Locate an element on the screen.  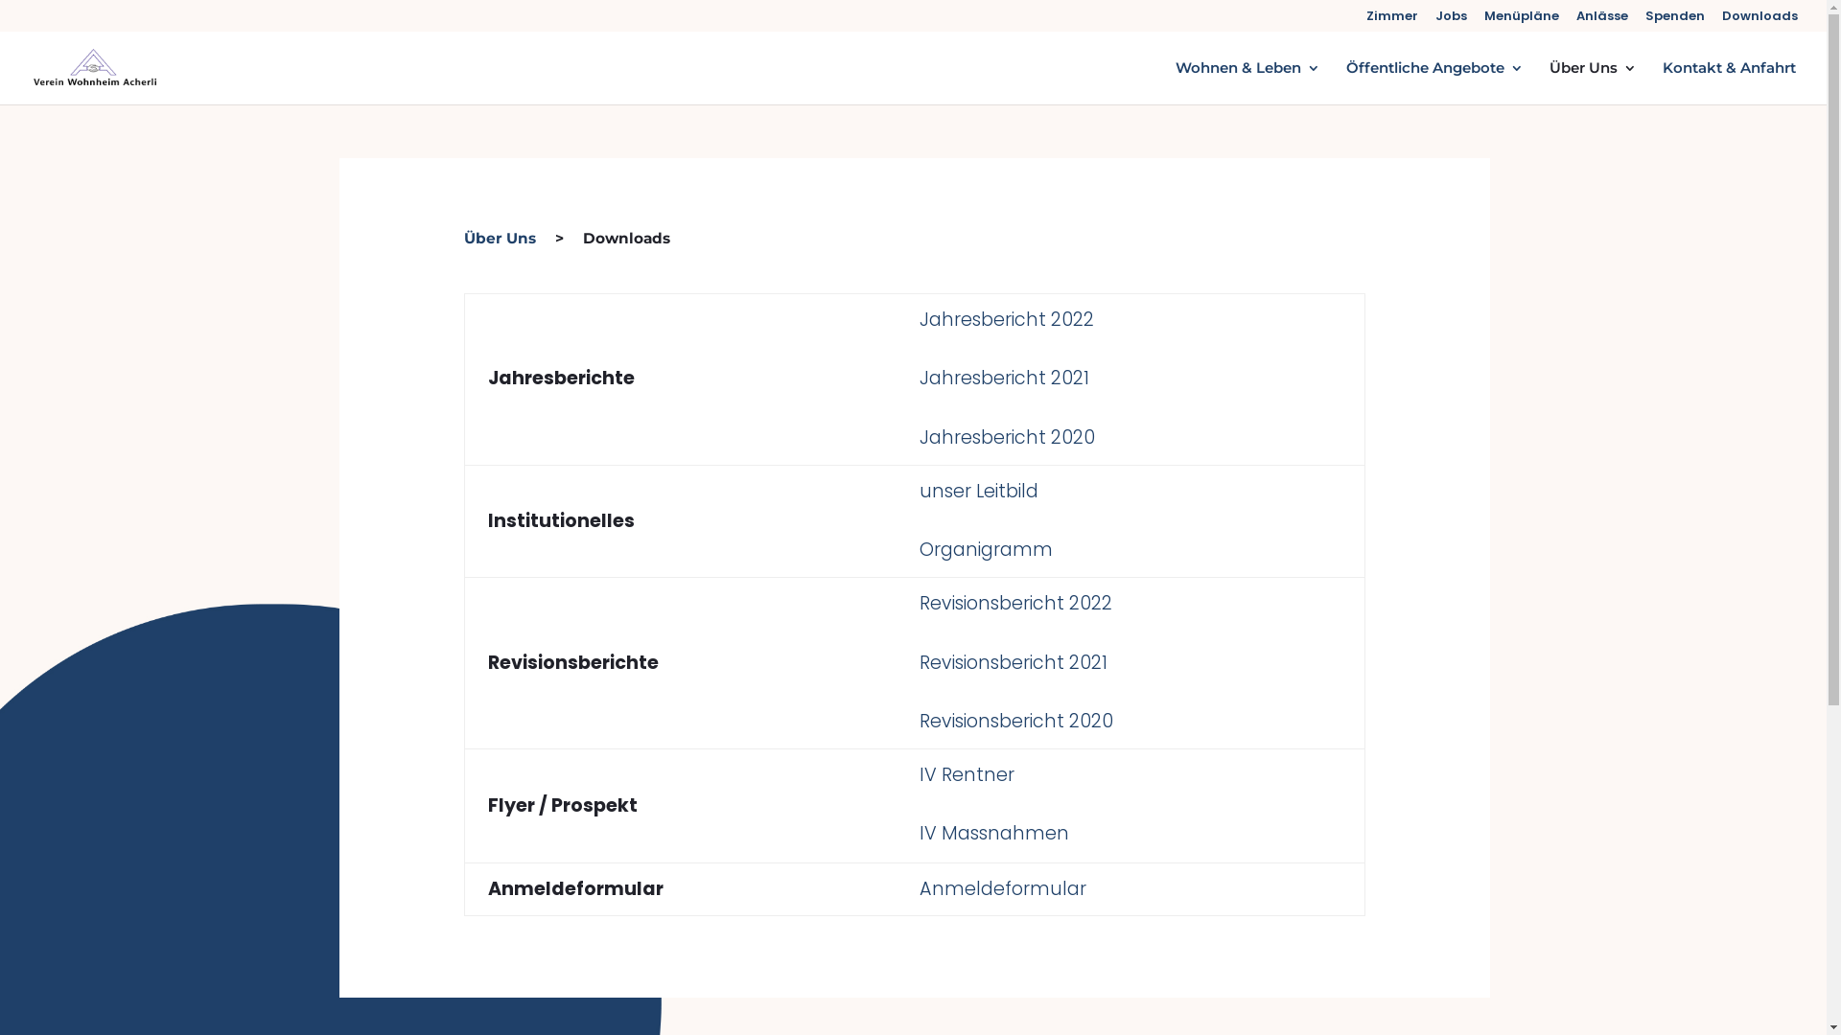
'Organigramm' is located at coordinates (986, 549).